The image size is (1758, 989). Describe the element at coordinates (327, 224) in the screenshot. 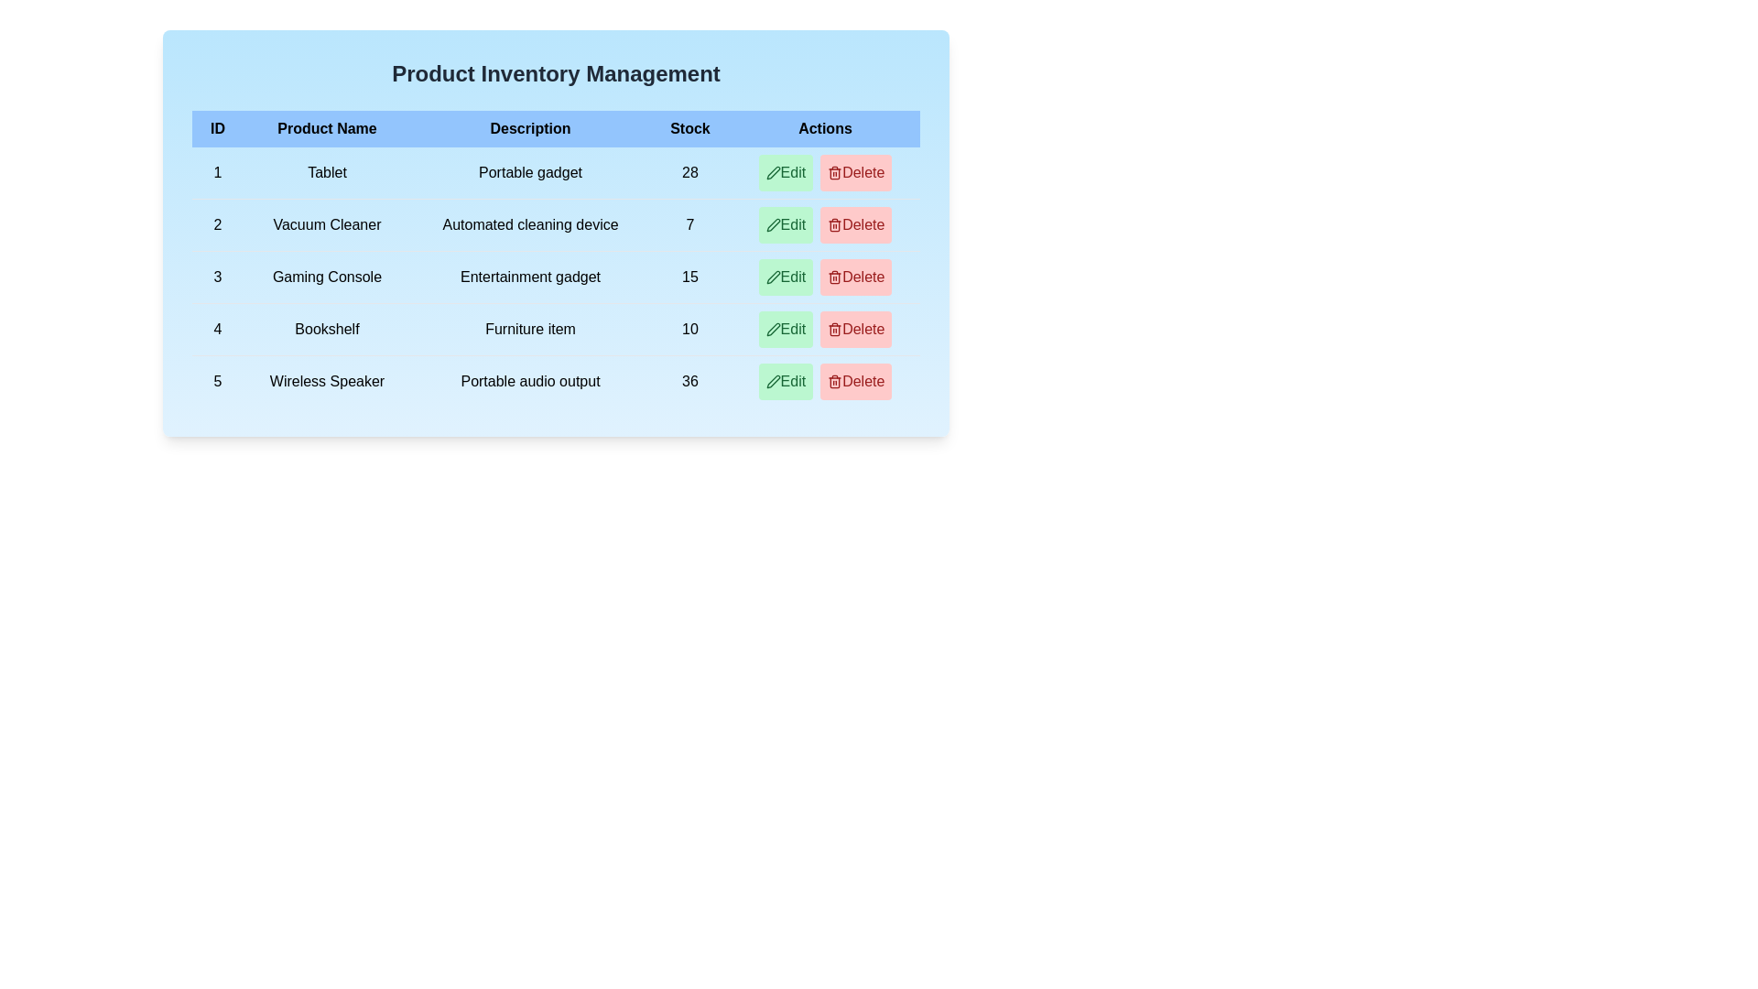

I see `the Text label in the second row, second column of the product inventory table that displays the product name` at that location.